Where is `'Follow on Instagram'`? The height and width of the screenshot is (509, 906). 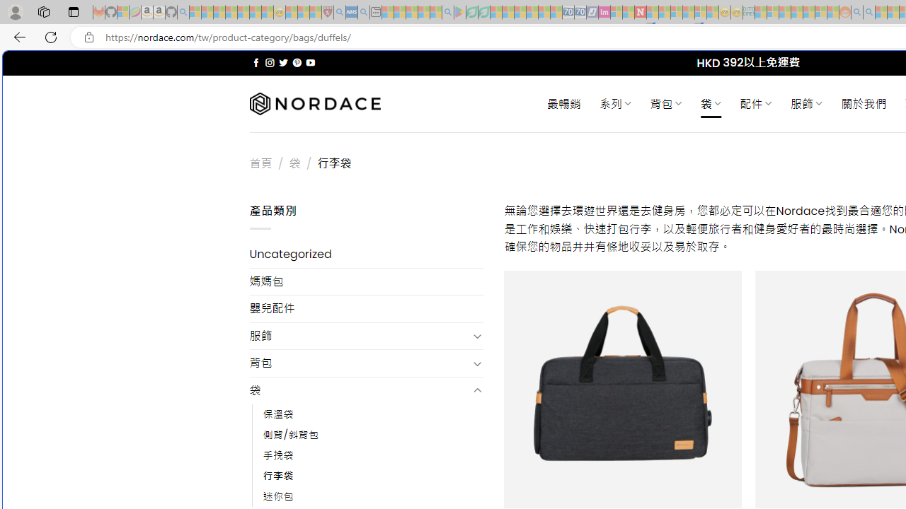 'Follow on Instagram' is located at coordinates (270, 62).